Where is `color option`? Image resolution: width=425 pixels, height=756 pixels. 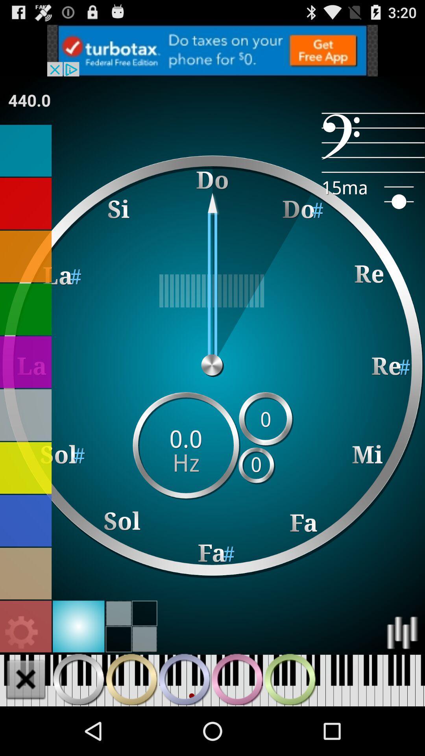
color option is located at coordinates (25, 415).